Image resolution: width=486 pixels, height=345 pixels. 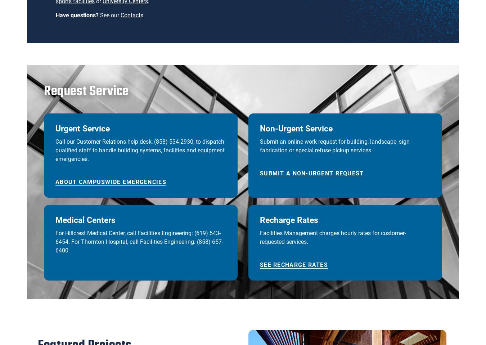 What do you see at coordinates (144, 15) in the screenshot?
I see `'.'` at bounding box center [144, 15].